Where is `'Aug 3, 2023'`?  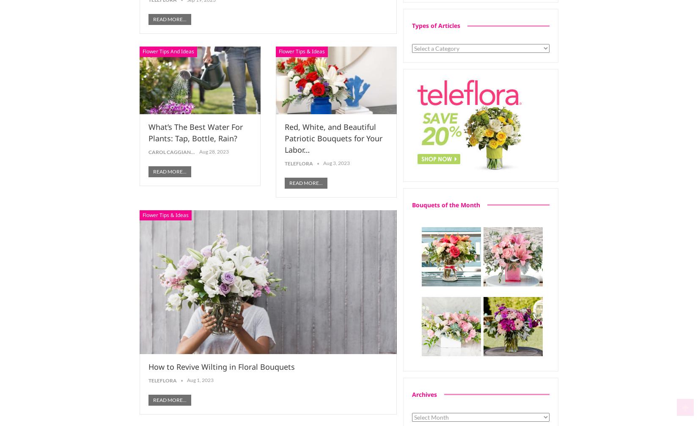
'Aug 3, 2023' is located at coordinates (322, 163).